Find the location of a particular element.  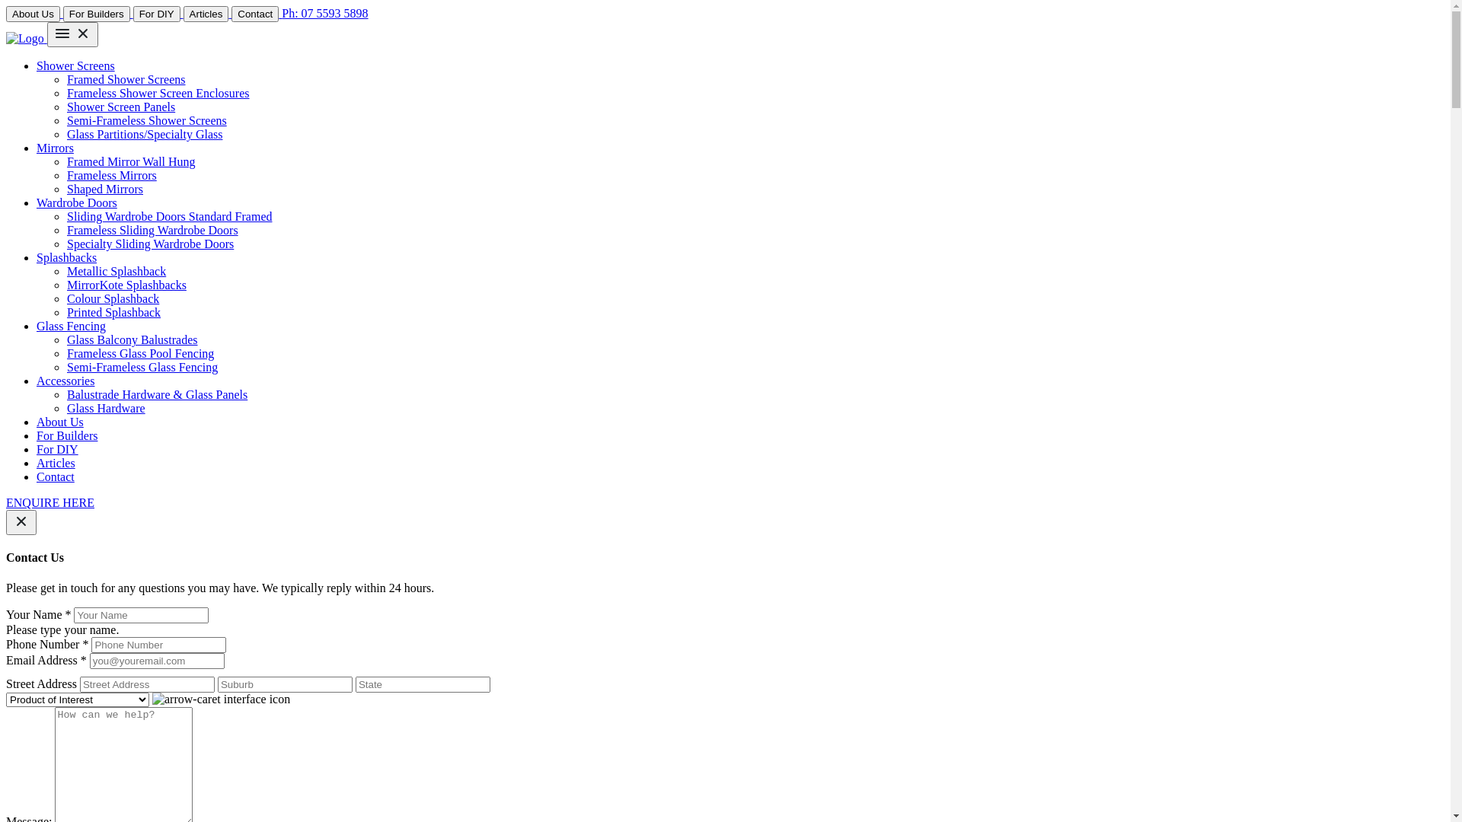

'Shower Screens' is located at coordinates (75, 65).